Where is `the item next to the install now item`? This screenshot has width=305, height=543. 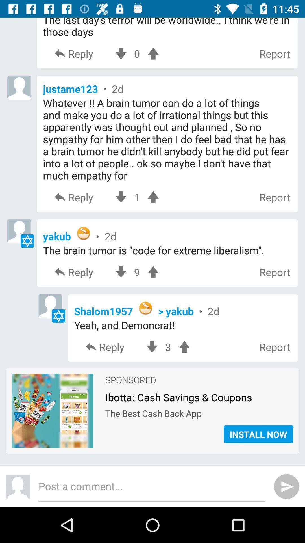 the item next to the install now item is located at coordinates (53, 440).